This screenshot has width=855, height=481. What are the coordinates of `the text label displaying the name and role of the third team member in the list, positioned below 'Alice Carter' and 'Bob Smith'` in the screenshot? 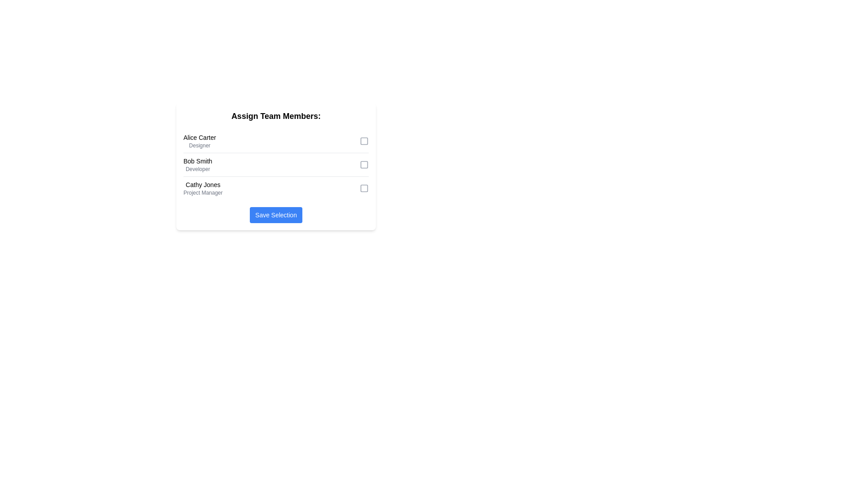 It's located at (203, 188).